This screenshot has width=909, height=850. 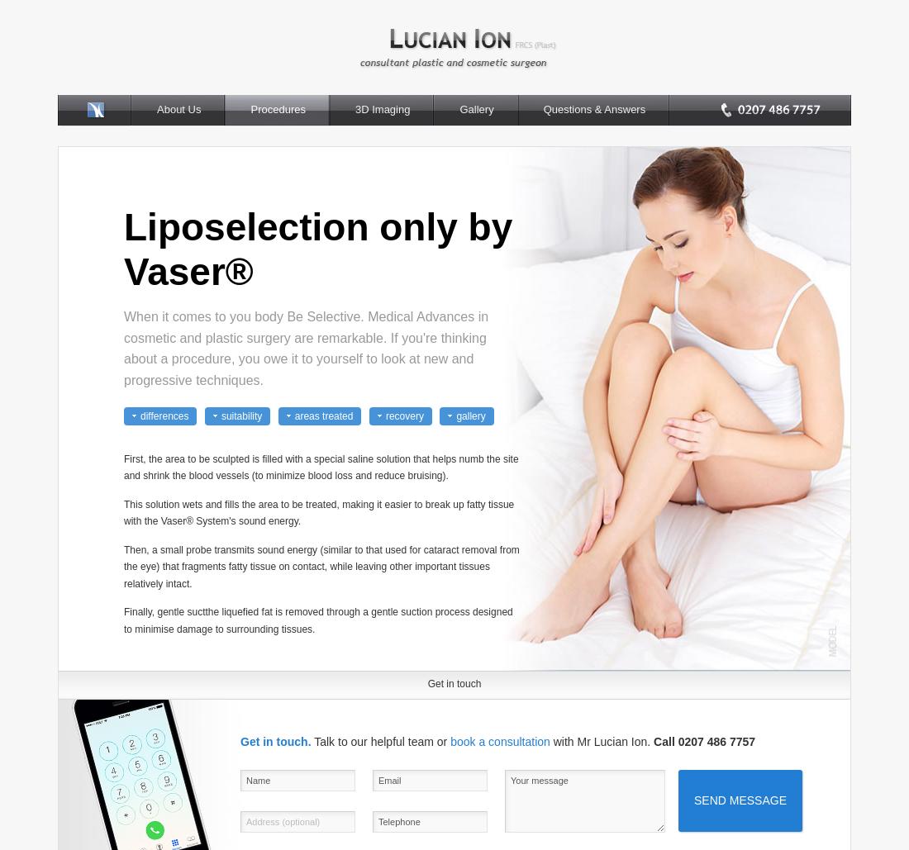 I want to click on 'First, the area to be sculpted is filled with a special saline solution that helps numb the site and shrink the blood vessels (to minimize blood loss and reduce bruising).', so click(x=321, y=466).